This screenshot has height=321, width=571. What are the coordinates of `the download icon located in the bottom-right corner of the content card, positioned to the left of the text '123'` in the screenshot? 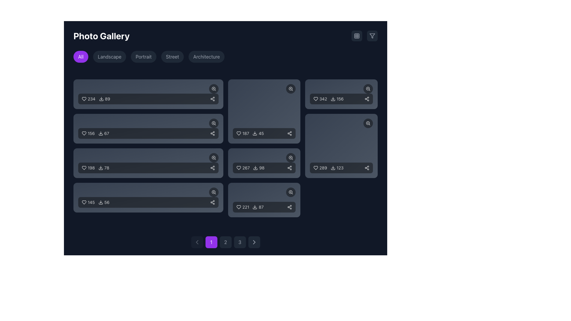 It's located at (333, 168).